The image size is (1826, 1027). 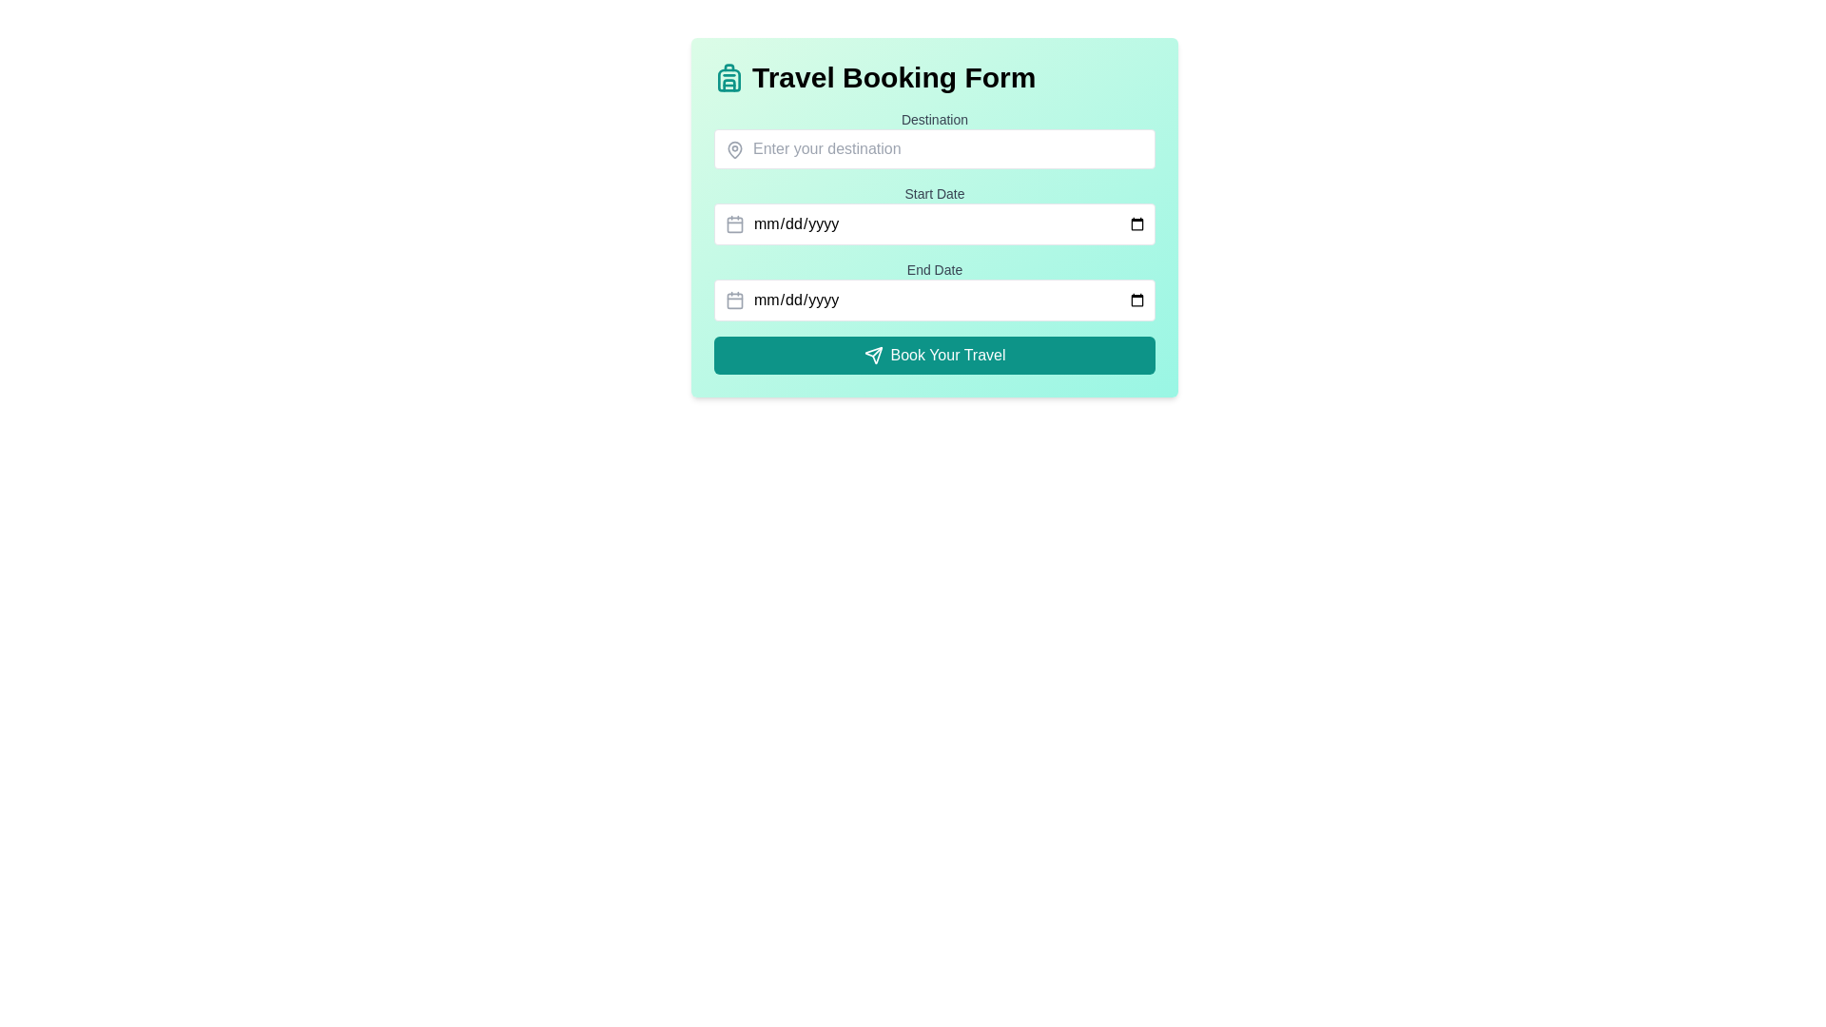 I want to click on the pin icon located inside the 'Destination' input field, which has a circular base and a needle-like top, rendered in gray color, so click(x=733, y=149).